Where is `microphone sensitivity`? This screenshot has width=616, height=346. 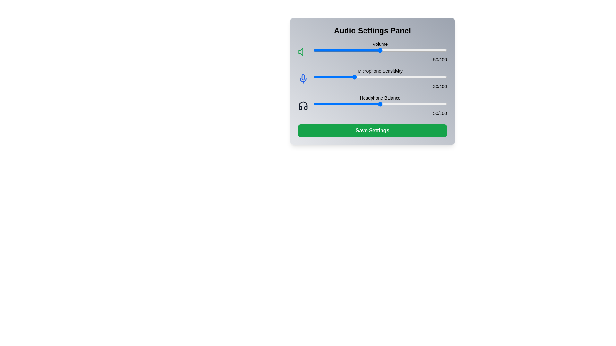 microphone sensitivity is located at coordinates (323, 77).